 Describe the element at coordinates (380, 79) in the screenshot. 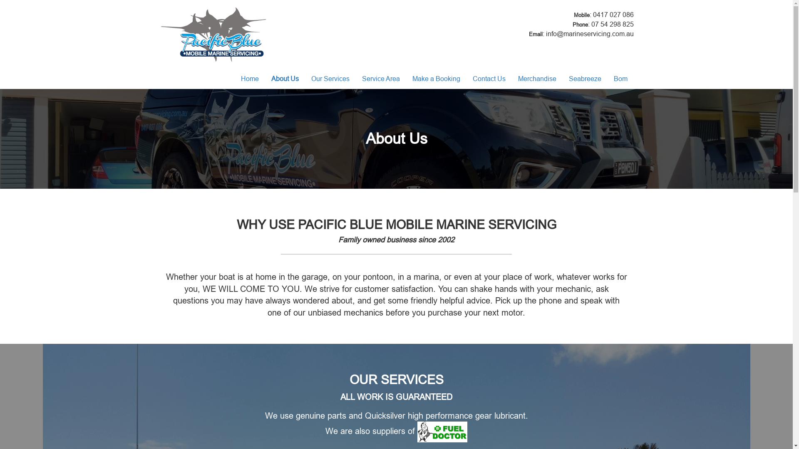

I see `'Service Area'` at that location.